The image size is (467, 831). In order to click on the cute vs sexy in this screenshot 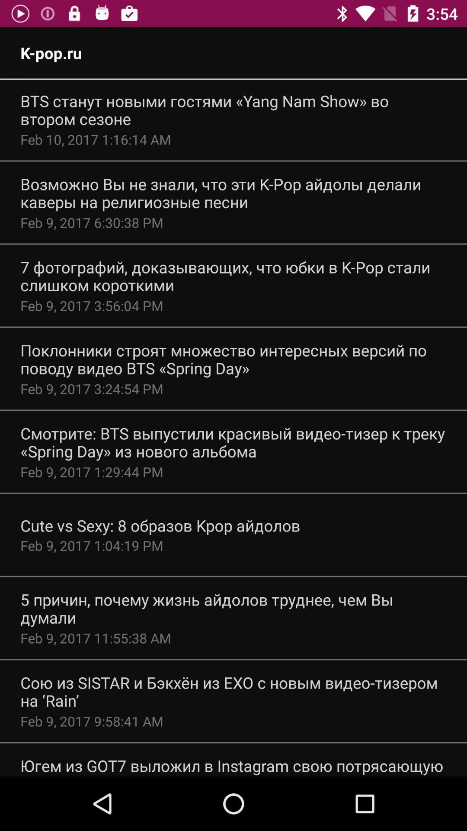, I will do `click(160, 525)`.